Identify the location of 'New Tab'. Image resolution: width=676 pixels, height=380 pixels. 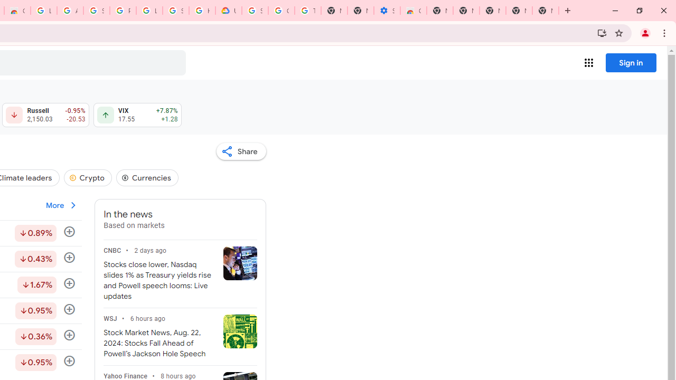
(439, 11).